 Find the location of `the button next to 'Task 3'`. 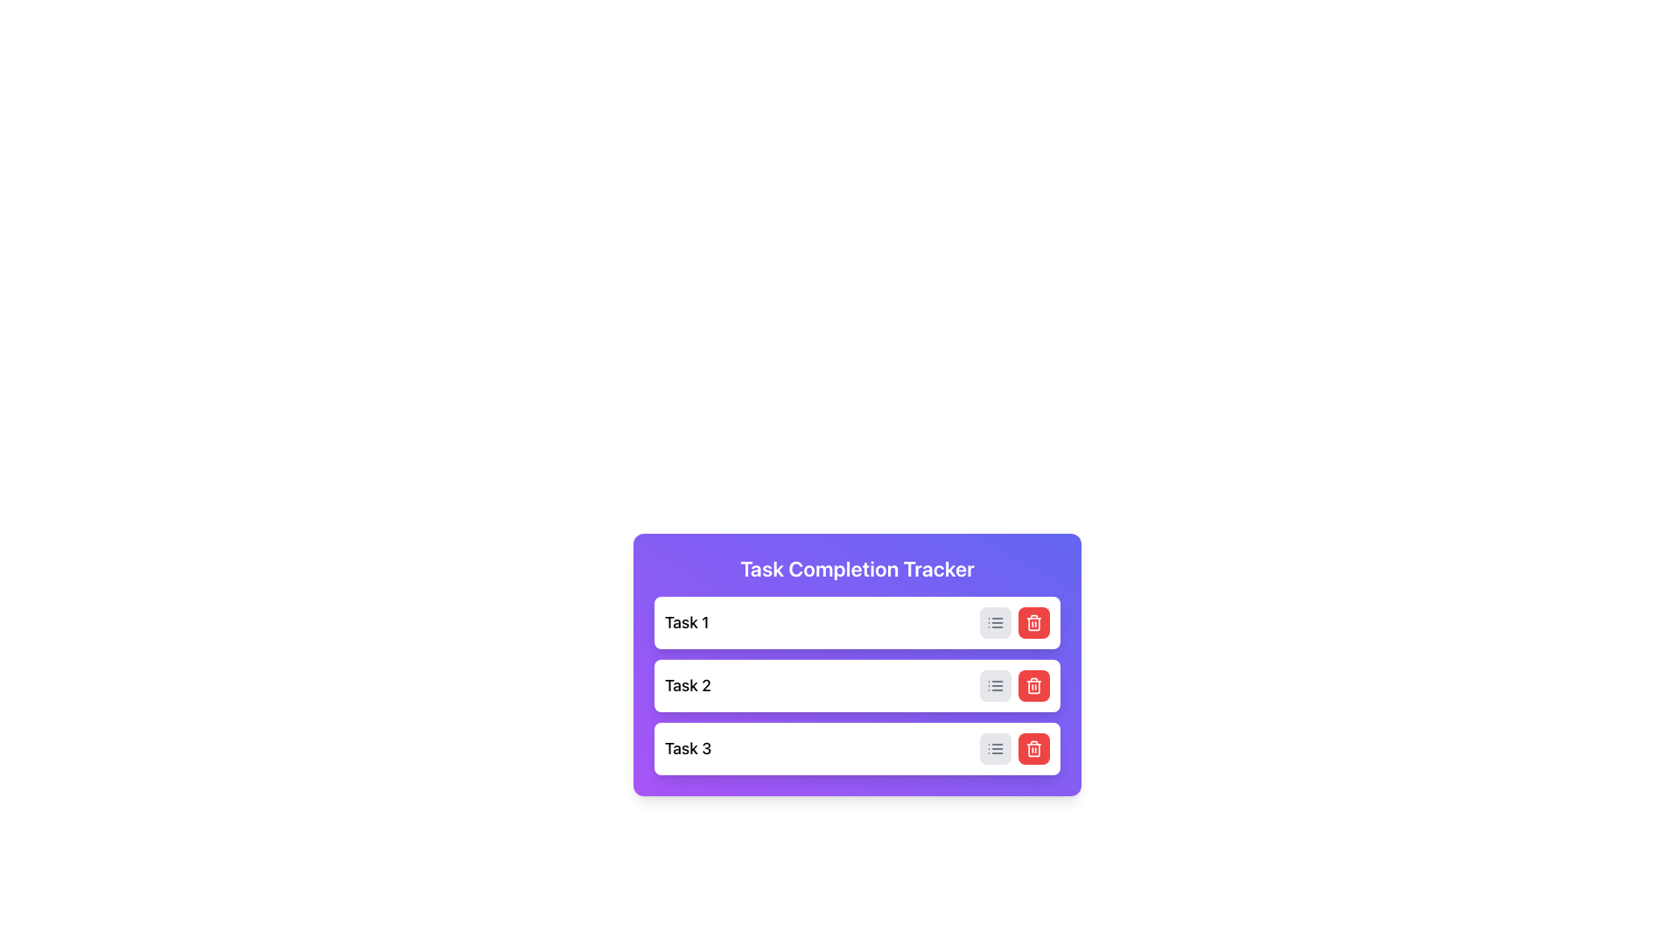

the button next to 'Task 3' is located at coordinates (995, 748).